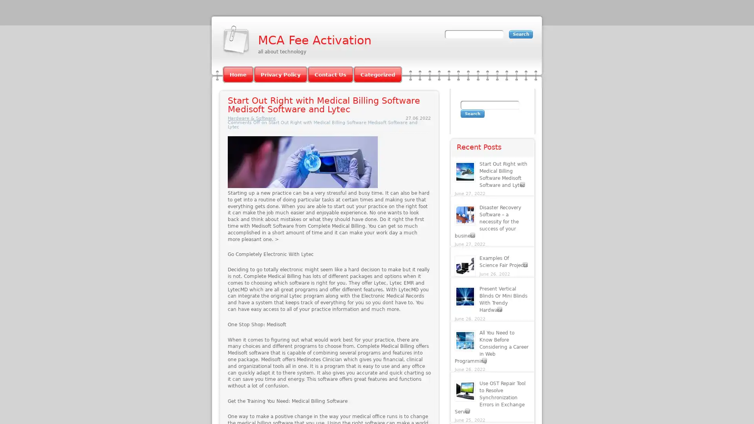 Image resolution: width=754 pixels, height=424 pixels. What do you see at coordinates (521, 34) in the screenshot?
I see `Search` at bounding box center [521, 34].